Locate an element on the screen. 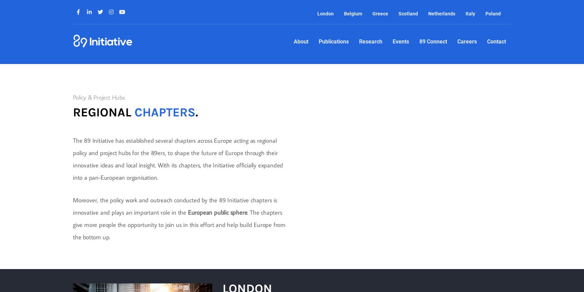 The width and height of the screenshot is (584, 292). 'Events' is located at coordinates (392, 41).